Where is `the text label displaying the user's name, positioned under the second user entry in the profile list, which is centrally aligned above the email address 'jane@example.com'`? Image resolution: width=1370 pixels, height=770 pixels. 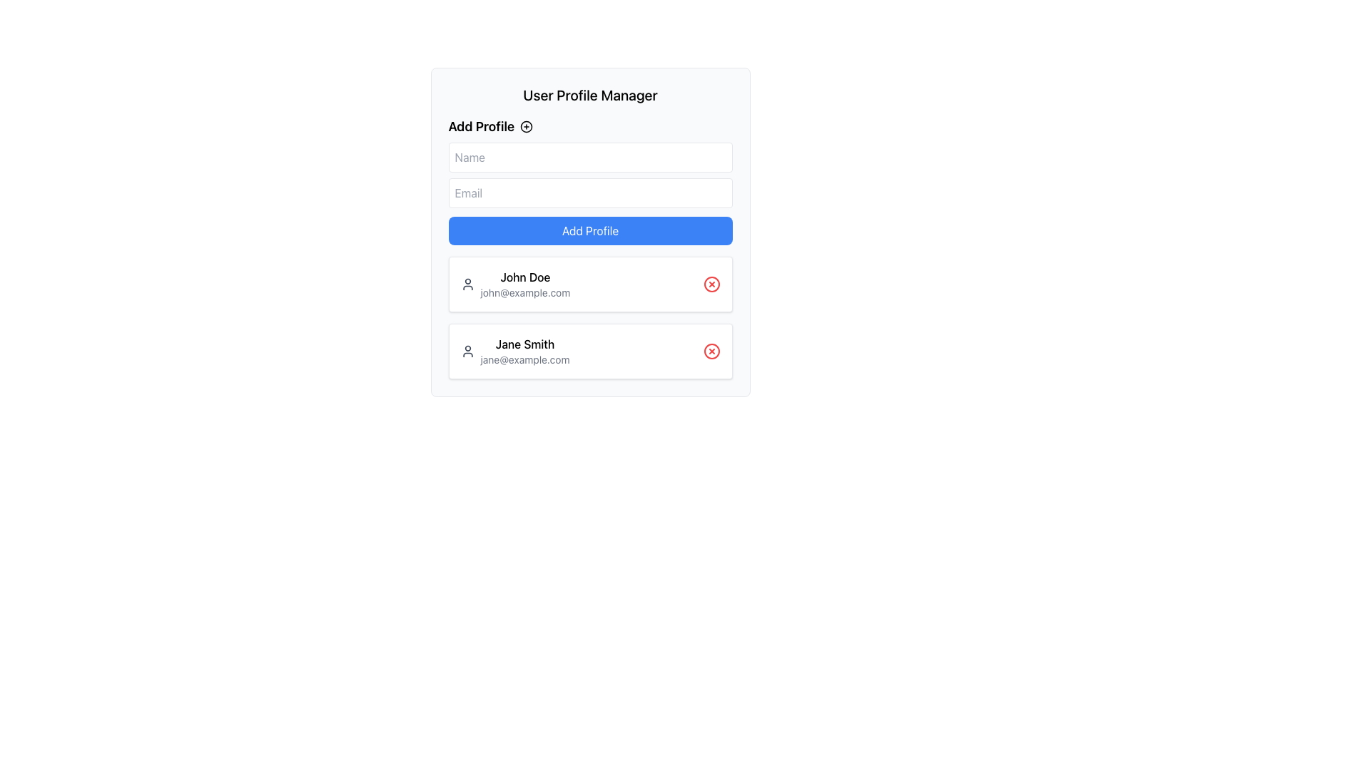
the text label displaying the user's name, positioned under the second user entry in the profile list, which is centrally aligned above the email address 'jane@example.com' is located at coordinates (524, 344).